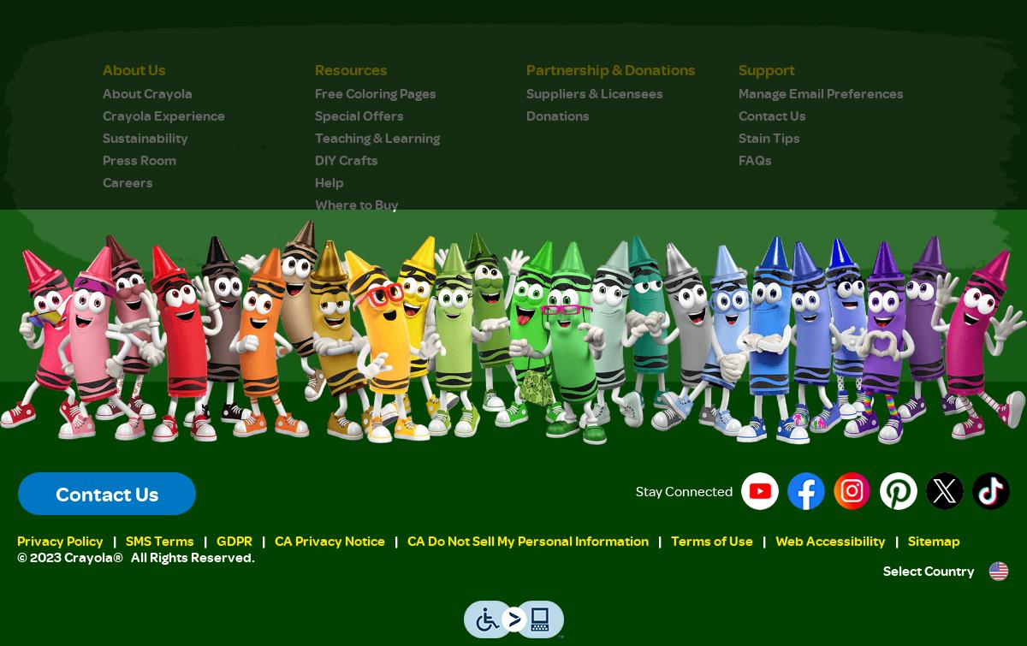 Image resolution: width=1027 pixels, height=646 pixels. Describe the element at coordinates (557, 115) in the screenshot. I see `'Donations'` at that location.